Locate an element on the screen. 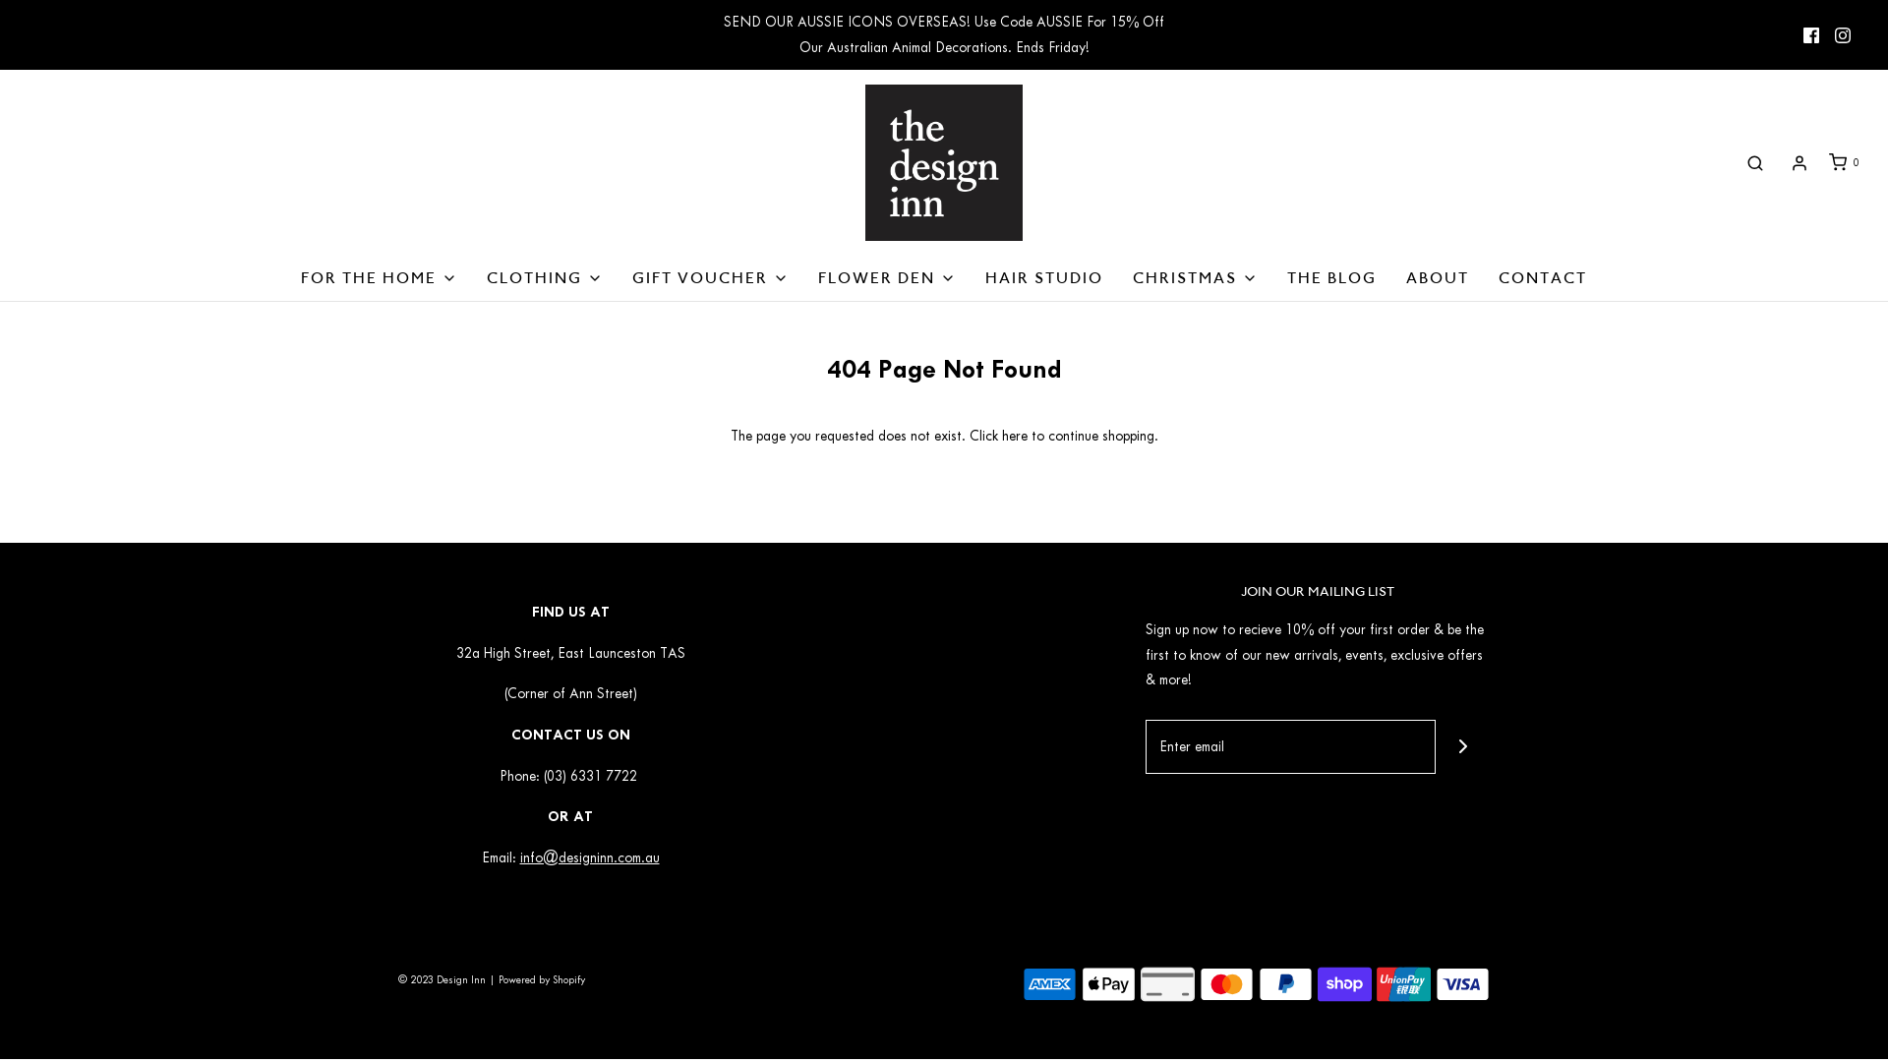  'here' is located at coordinates (1014, 435).